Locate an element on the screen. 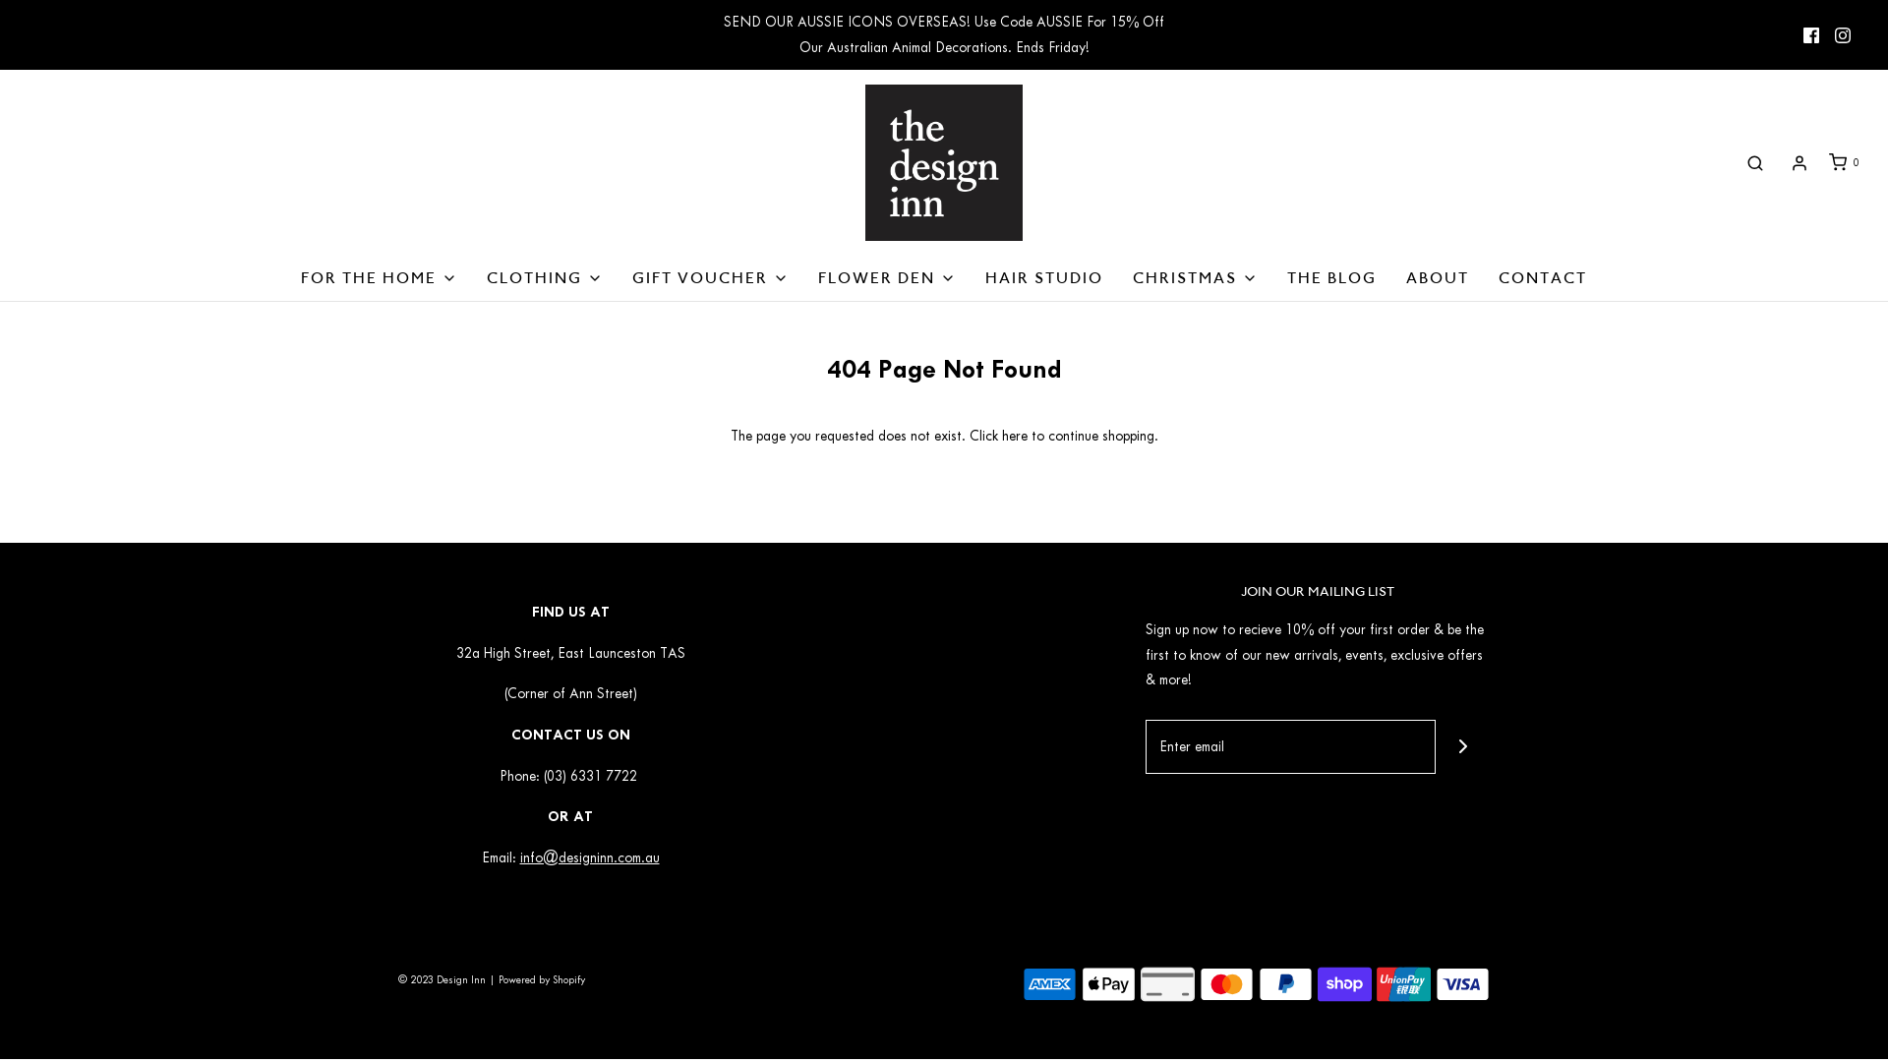  'here' is located at coordinates (1014, 435).